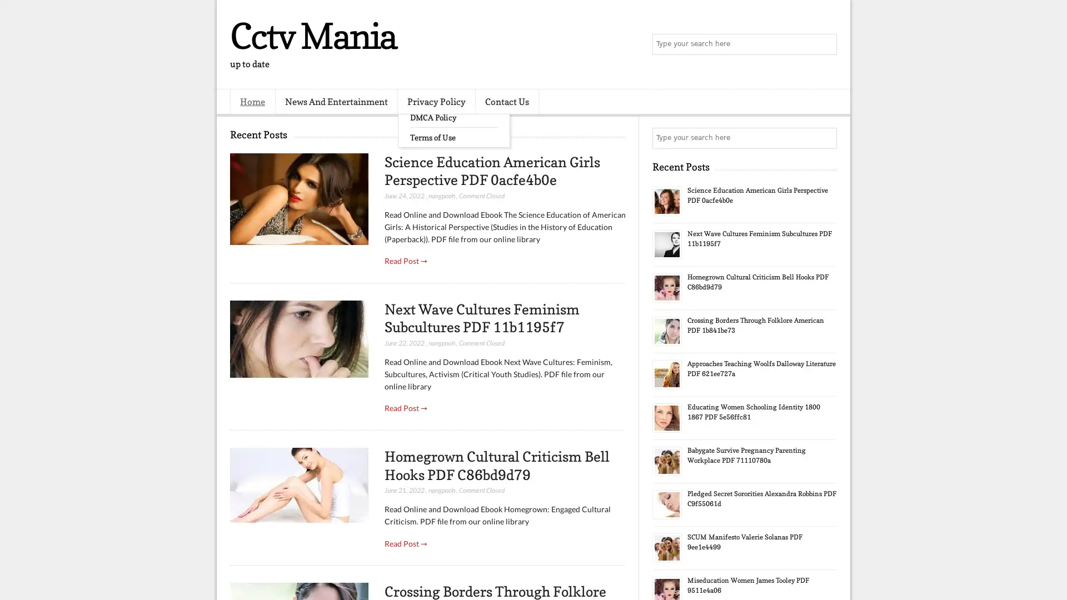  What do you see at coordinates (825, 44) in the screenshot?
I see `Search` at bounding box center [825, 44].